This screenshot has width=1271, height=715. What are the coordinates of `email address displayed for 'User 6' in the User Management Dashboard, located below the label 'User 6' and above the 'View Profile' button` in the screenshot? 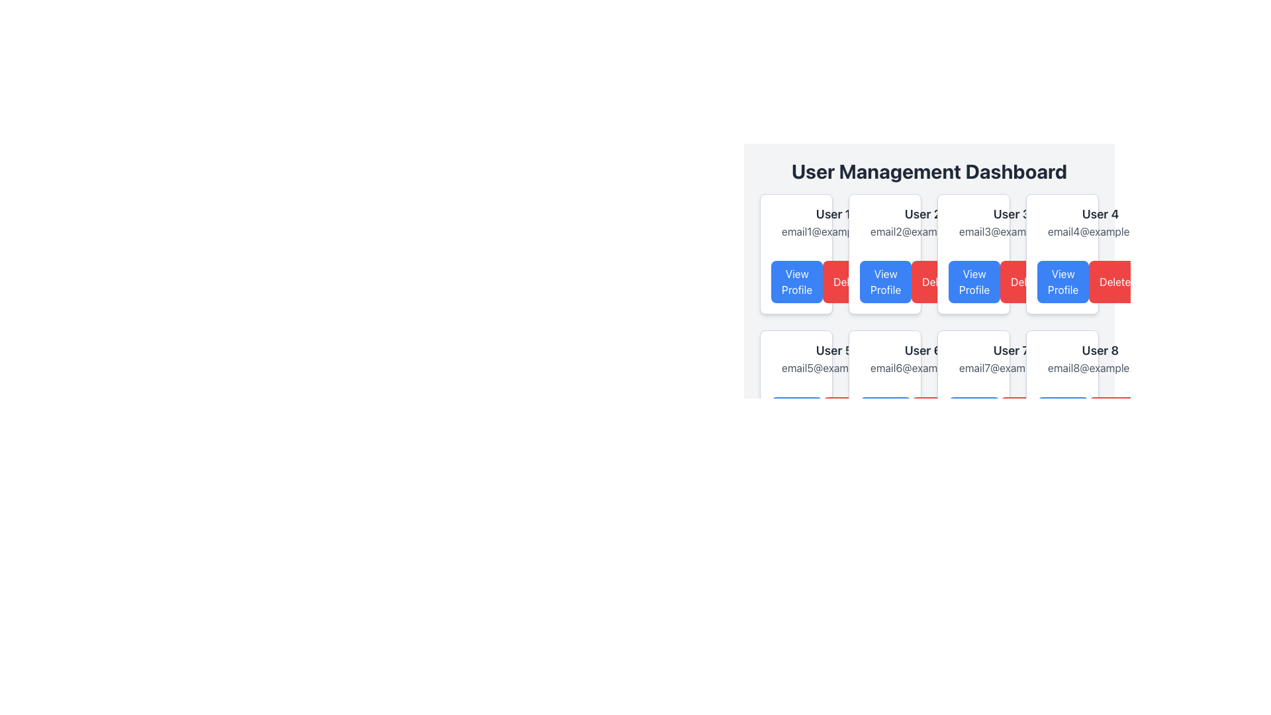 It's located at (922, 367).